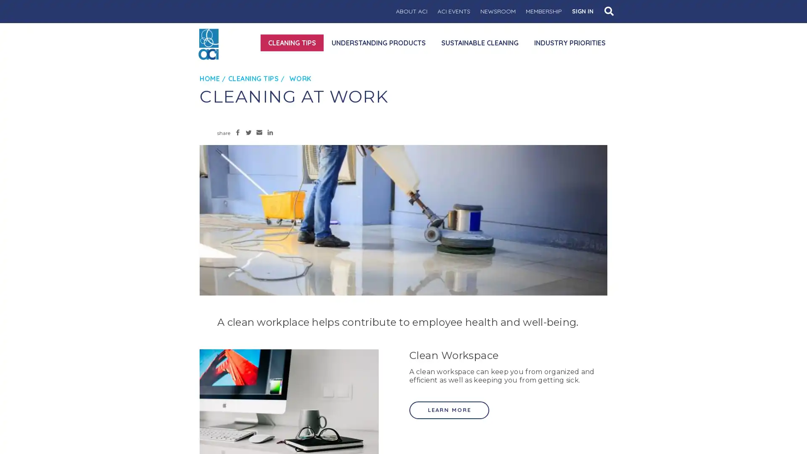 The height and width of the screenshot is (454, 807). Describe the element at coordinates (237, 132) in the screenshot. I see `Share to Facebook` at that location.